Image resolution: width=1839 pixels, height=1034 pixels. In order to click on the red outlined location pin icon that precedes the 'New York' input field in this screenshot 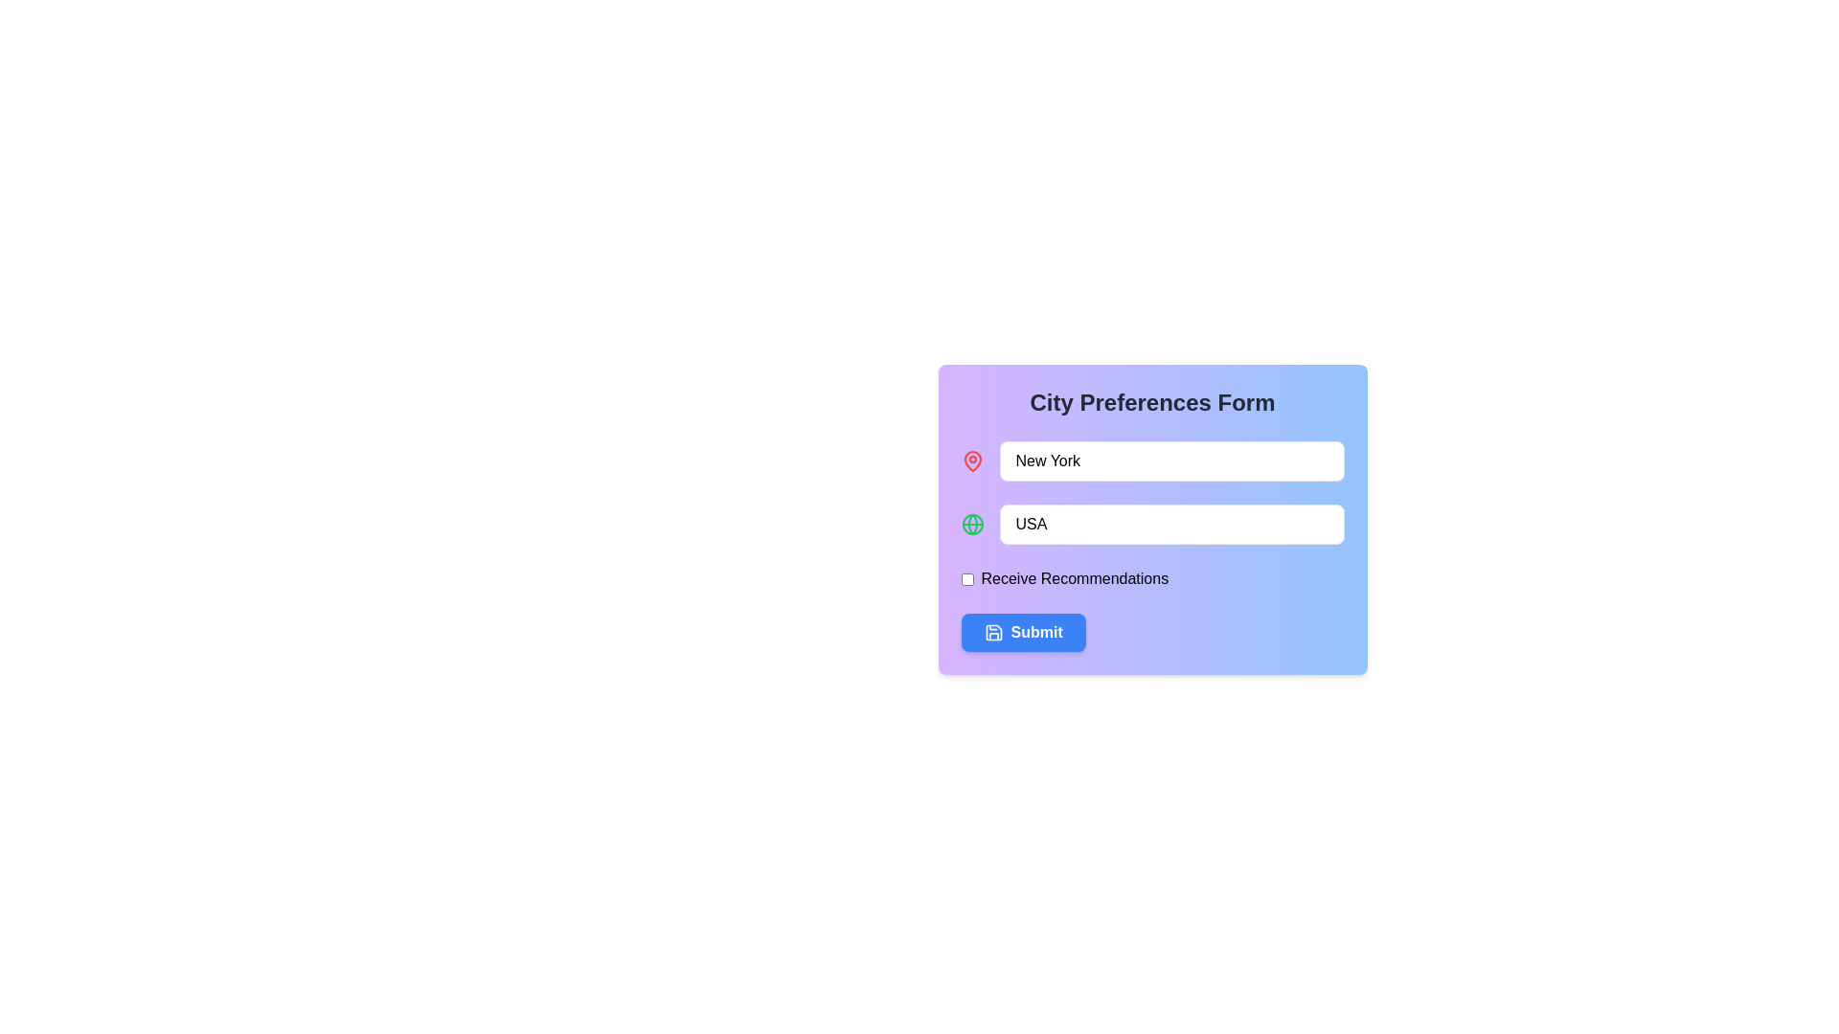, I will do `click(972, 461)`.